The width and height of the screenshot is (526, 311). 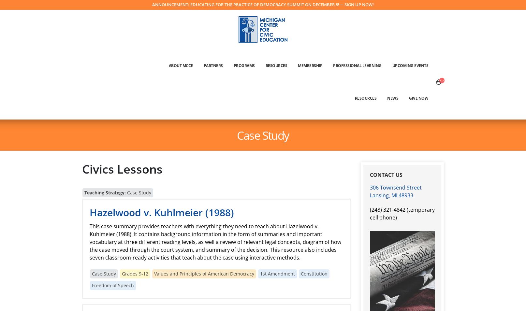 What do you see at coordinates (357, 65) in the screenshot?
I see `'Professional Learning'` at bounding box center [357, 65].